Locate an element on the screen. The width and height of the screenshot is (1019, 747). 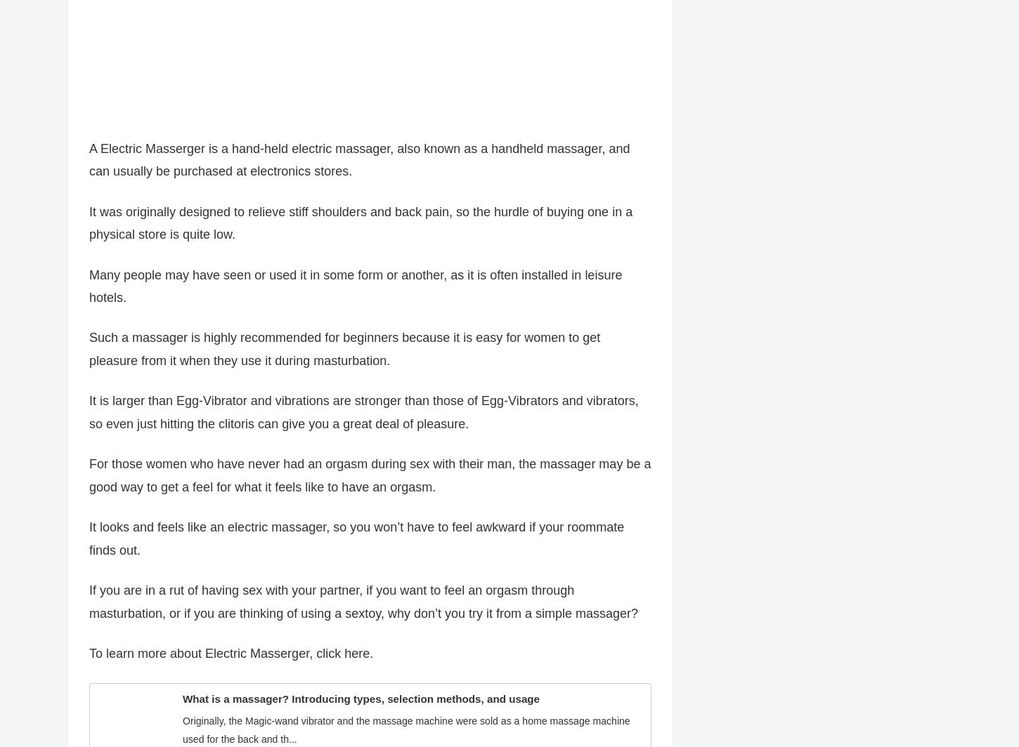
'If you are in a rut of having sex with your partner, if you want to feel an orgasm through masturbation, or if you are thinking of using a sextoy, why don’t you try it from a simple massager?' is located at coordinates (363, 608).